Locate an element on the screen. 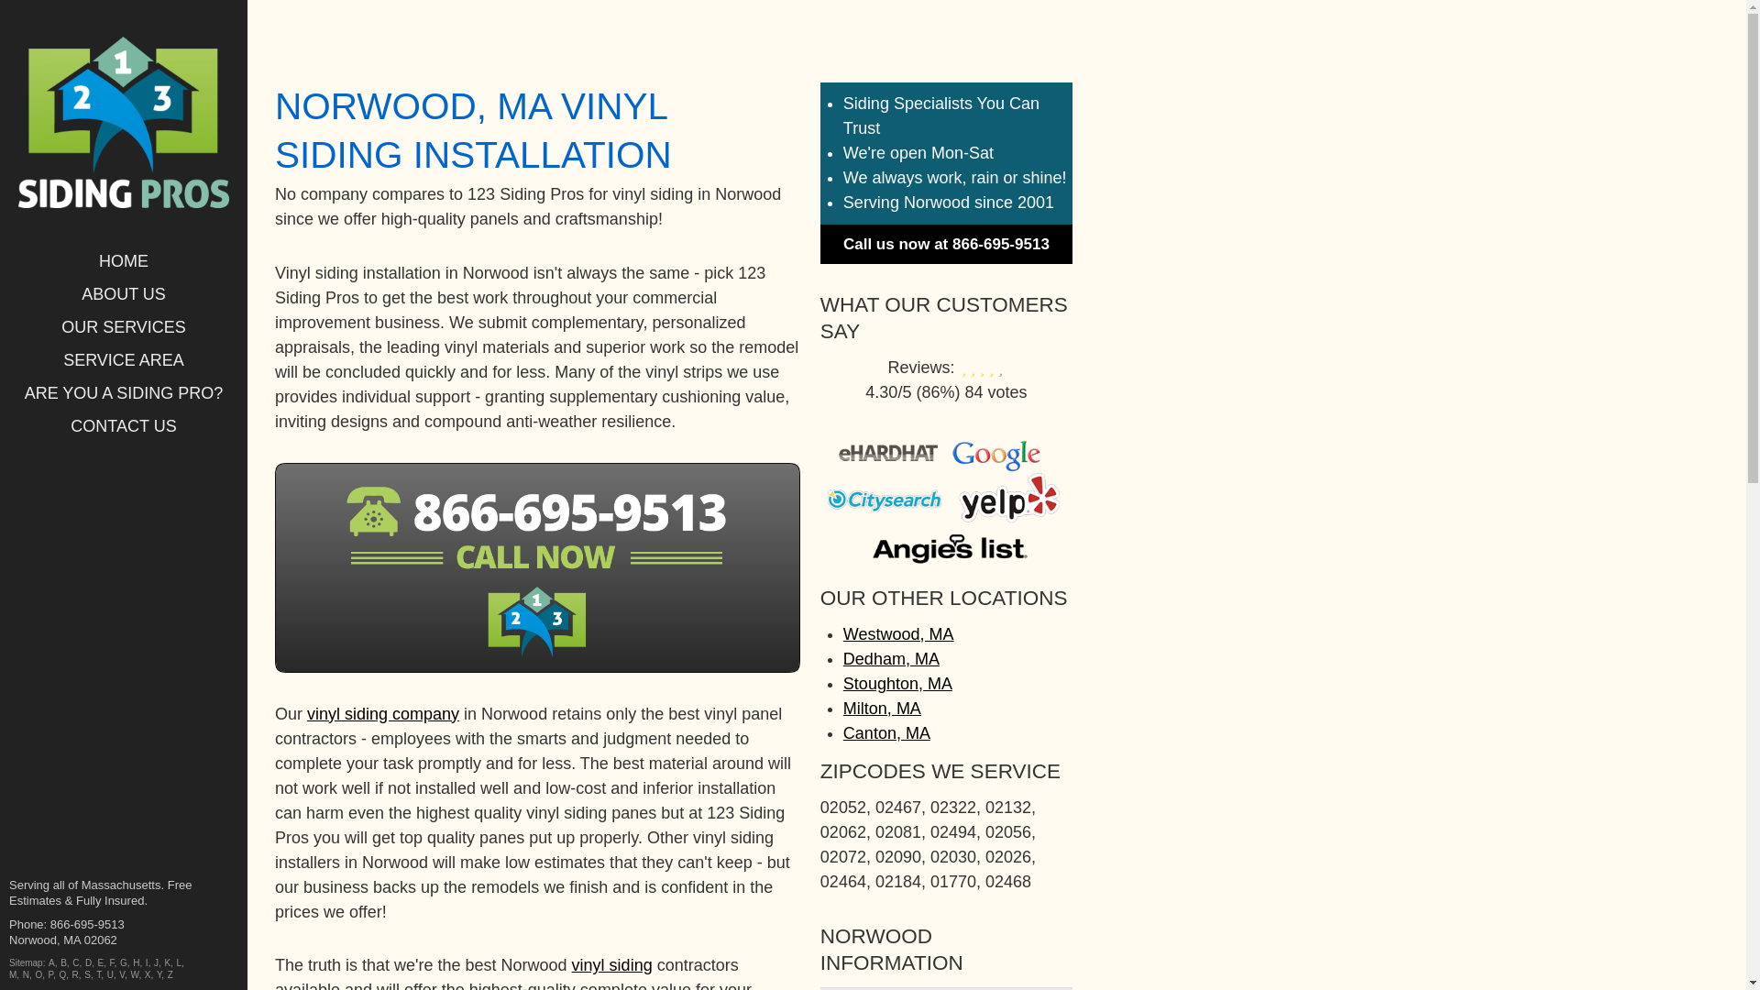 The width and height of the screenshot is (1760, 990). 'CONTACT US' is located at coordinates (122, 426).